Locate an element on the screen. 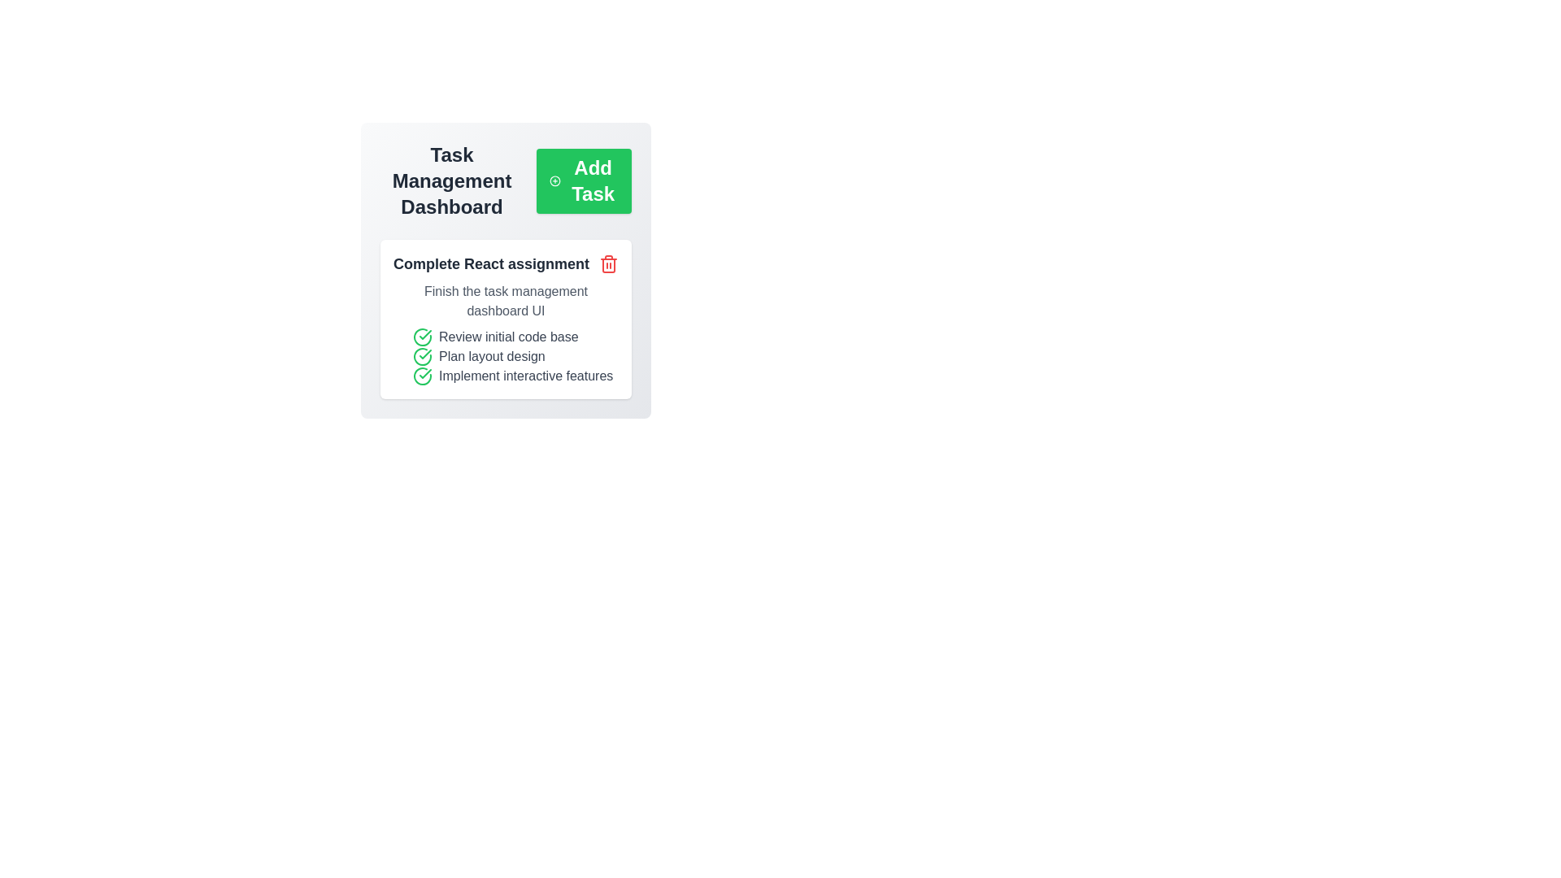  the vector icon representing a completed task in the checklist UI, located slightly off-center within a larger circle icon is located at coordinates (425, 353).